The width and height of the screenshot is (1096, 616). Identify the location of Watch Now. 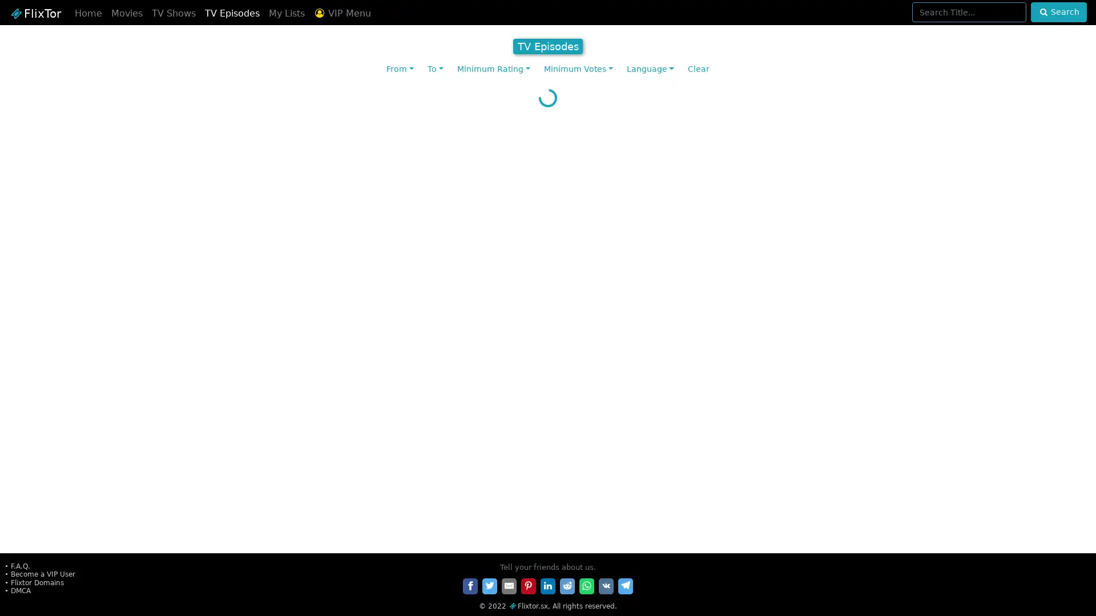
(221, 538).